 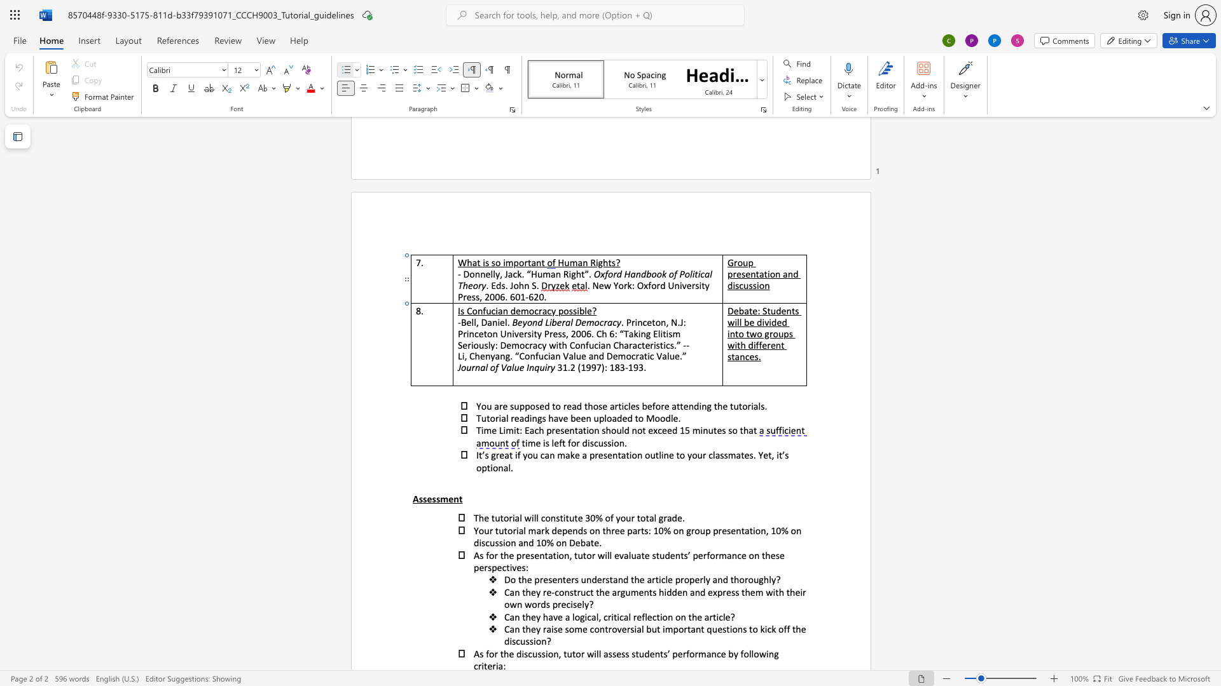 I want to click on the space between the continuous character "s" and "m" in the text, so click(x=441, y=498).